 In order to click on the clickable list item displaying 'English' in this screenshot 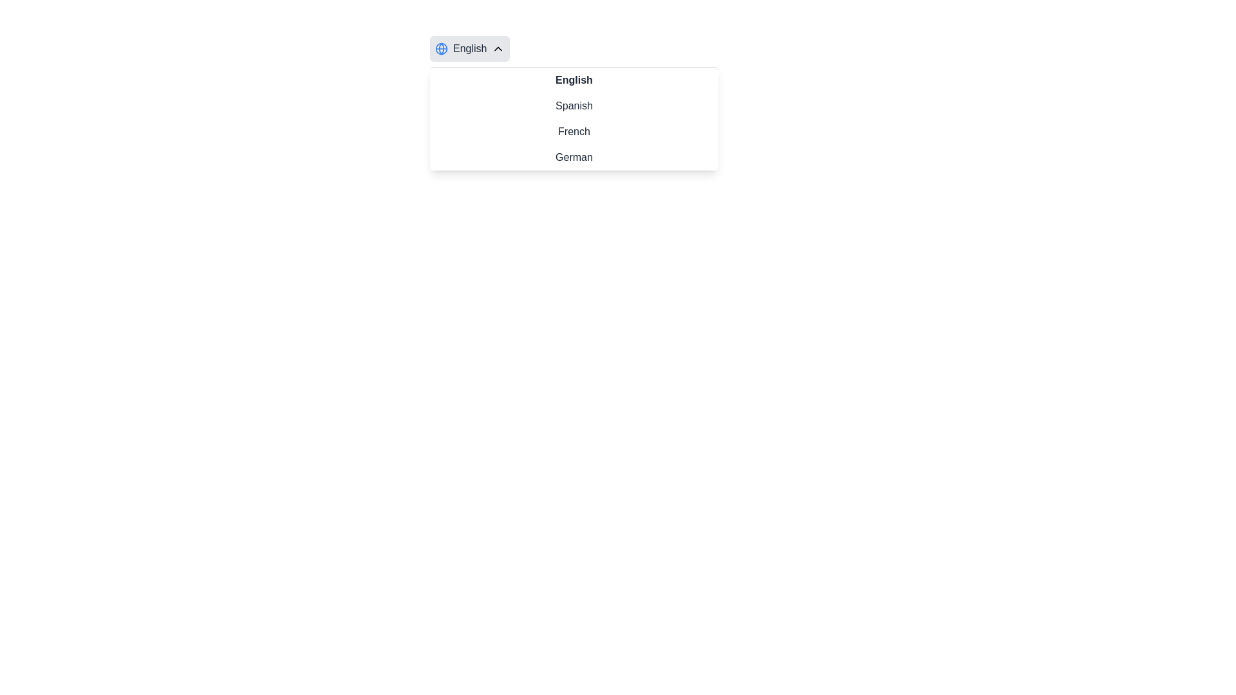, I will do `click(574, 80)`.